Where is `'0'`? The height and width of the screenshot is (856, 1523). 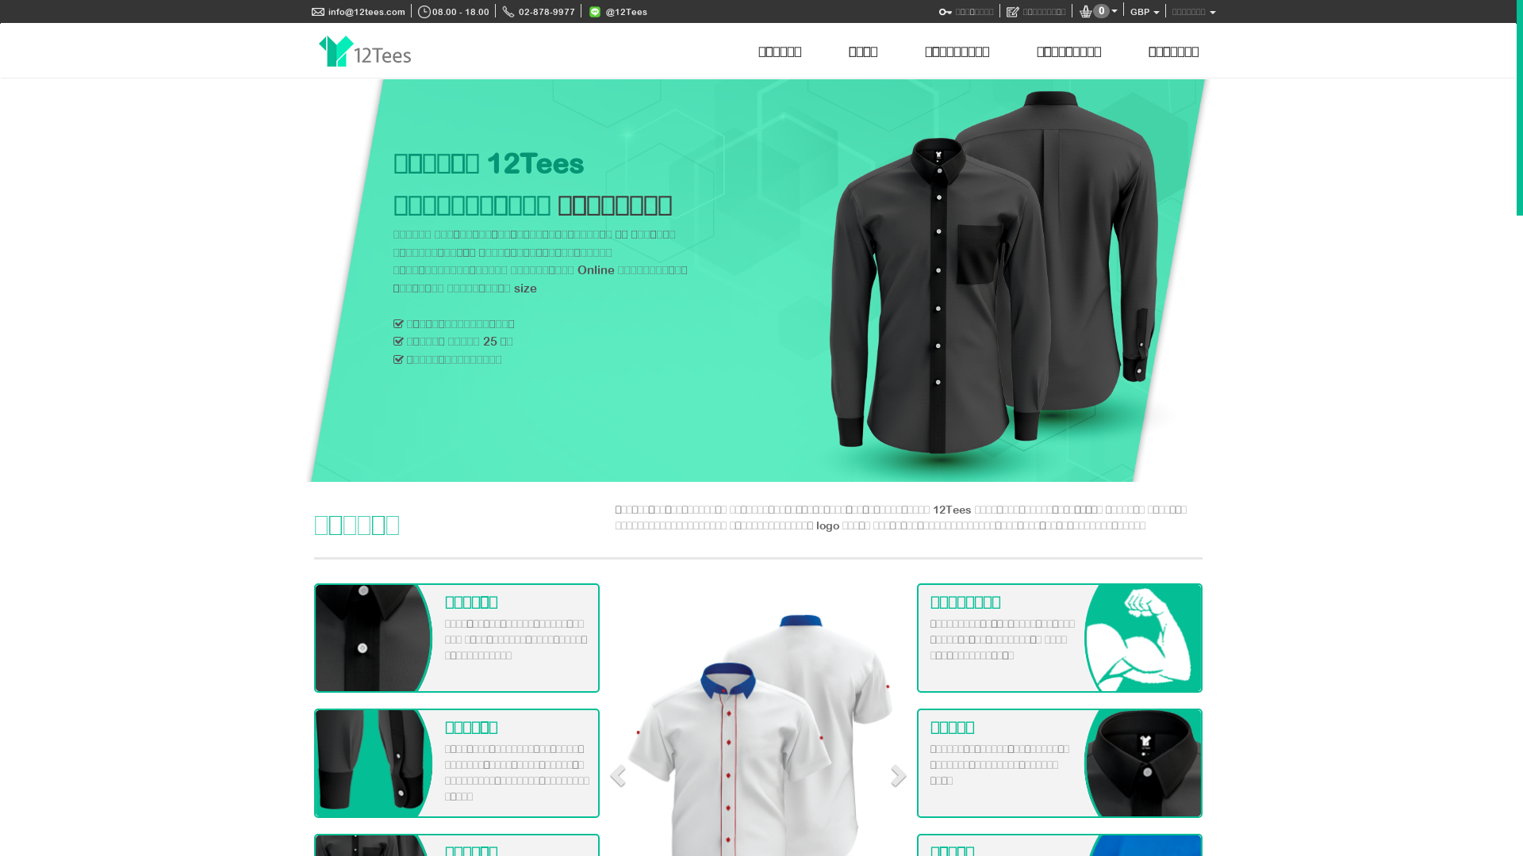
'0' is located at coordinates (1097, 11).